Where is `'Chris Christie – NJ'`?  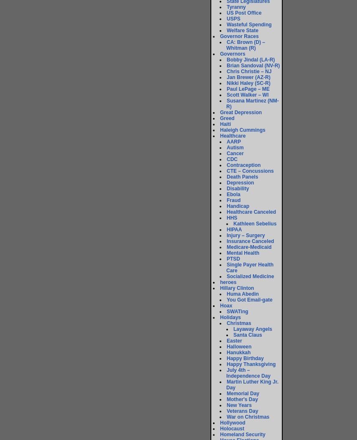
'Chris Christie – NJ' is located at coordinates (249, 71).